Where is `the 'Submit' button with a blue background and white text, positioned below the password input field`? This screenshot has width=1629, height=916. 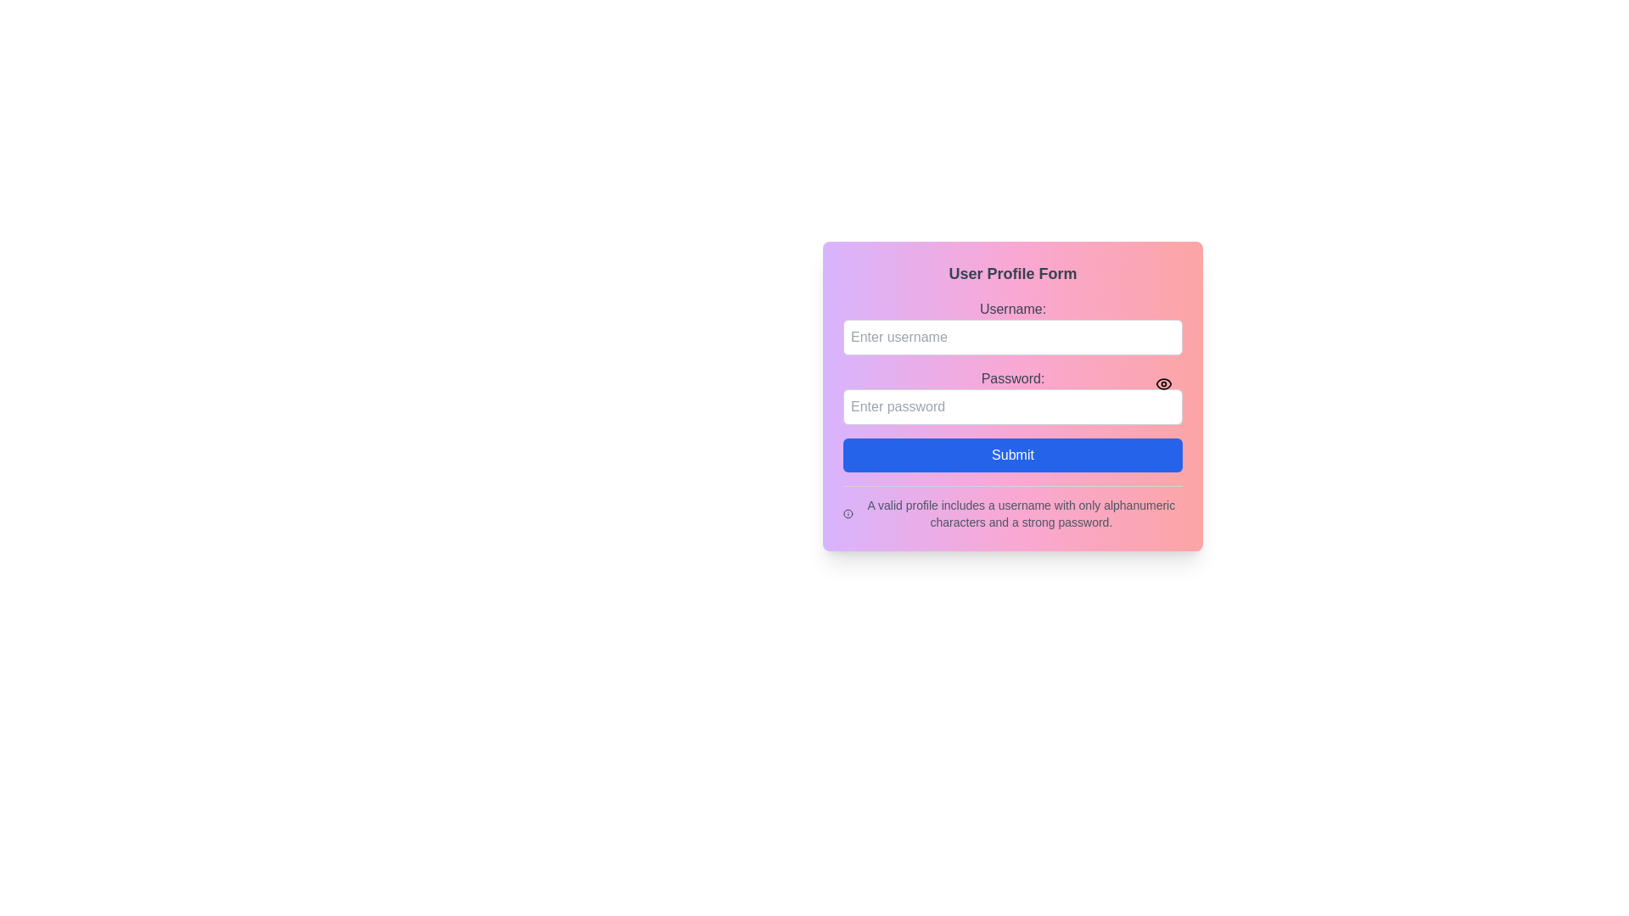
the 'Submit' button with a blue background and white text, positioned below the password input field is located at coordinates (1013, 454).